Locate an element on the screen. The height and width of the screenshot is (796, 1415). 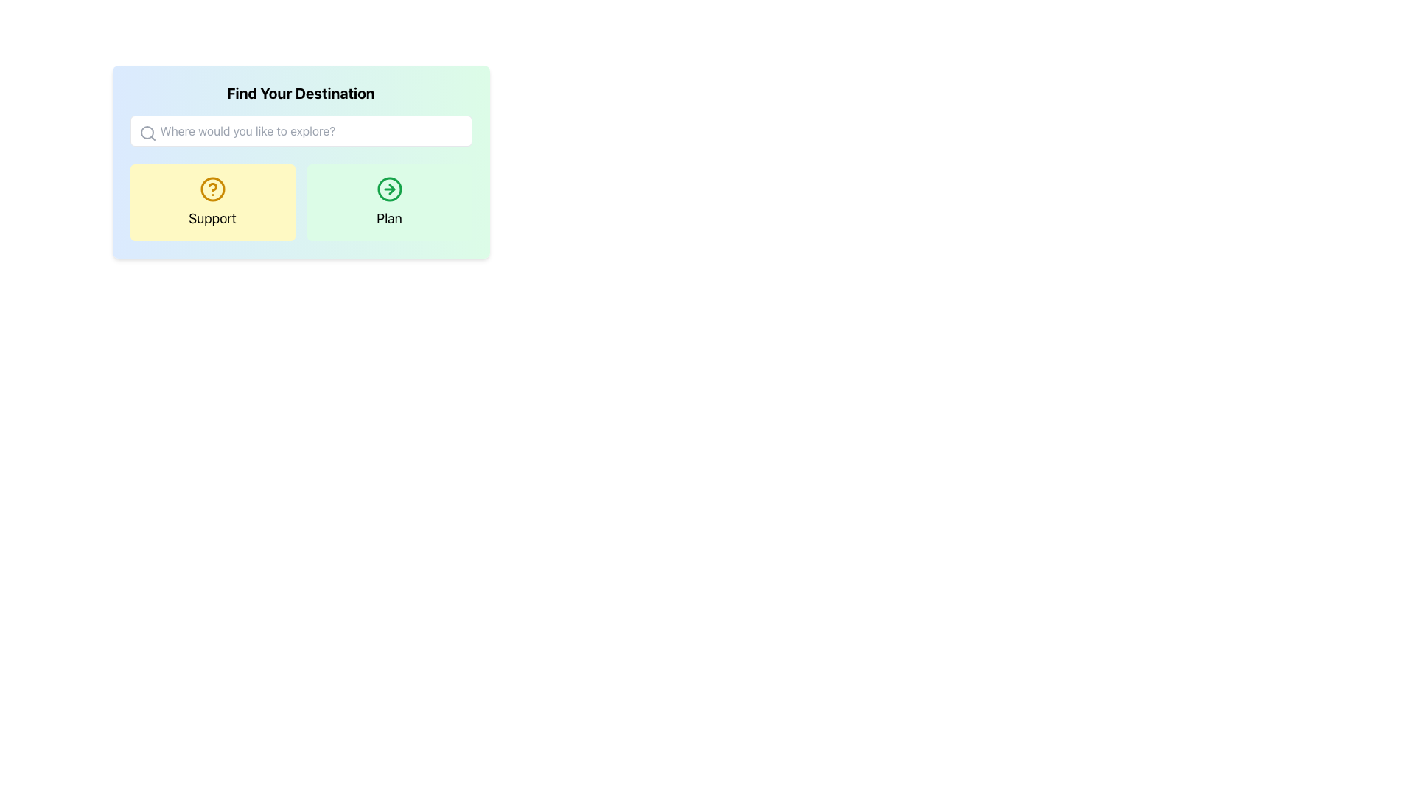
the support icon located above the 'Support' text within a yellow rectangular segment is located at coordinates (212, 189).